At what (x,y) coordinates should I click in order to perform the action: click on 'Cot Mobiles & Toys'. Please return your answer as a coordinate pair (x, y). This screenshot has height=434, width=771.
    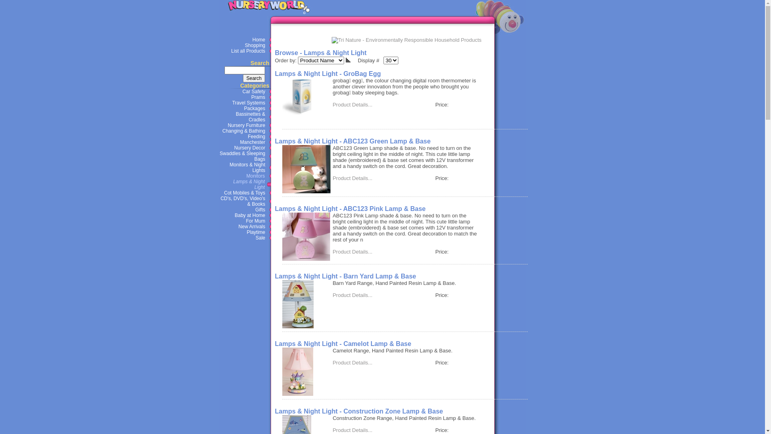
    Looking at the image, I should click on (218, 192).